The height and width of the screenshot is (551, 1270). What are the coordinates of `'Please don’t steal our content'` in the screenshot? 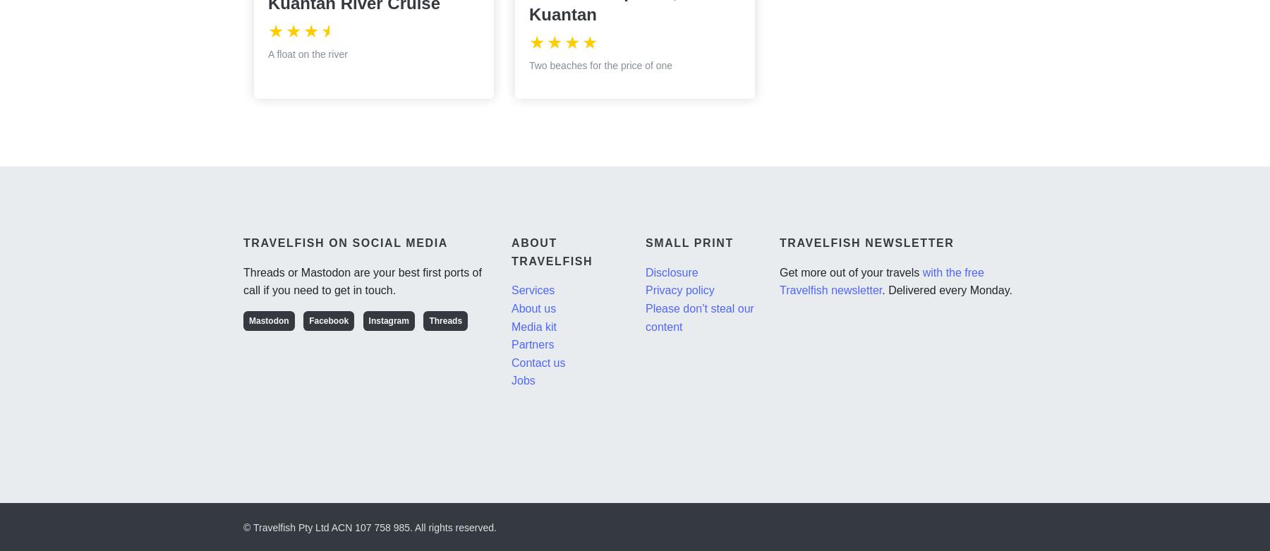 It's located at (698, 316).